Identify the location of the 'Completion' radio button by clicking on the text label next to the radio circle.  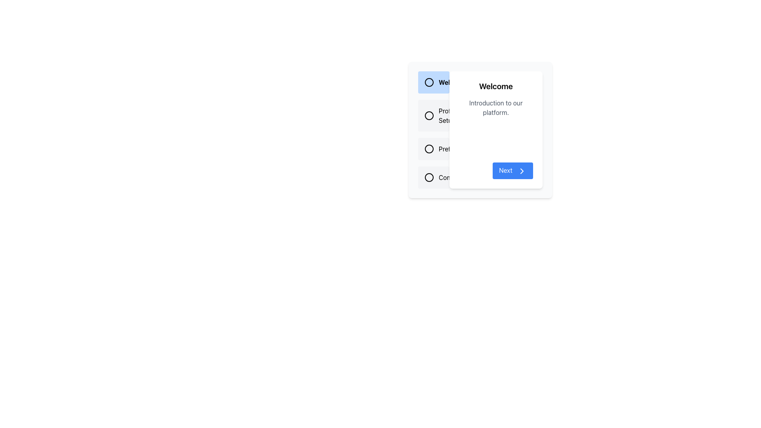
(433, 177).